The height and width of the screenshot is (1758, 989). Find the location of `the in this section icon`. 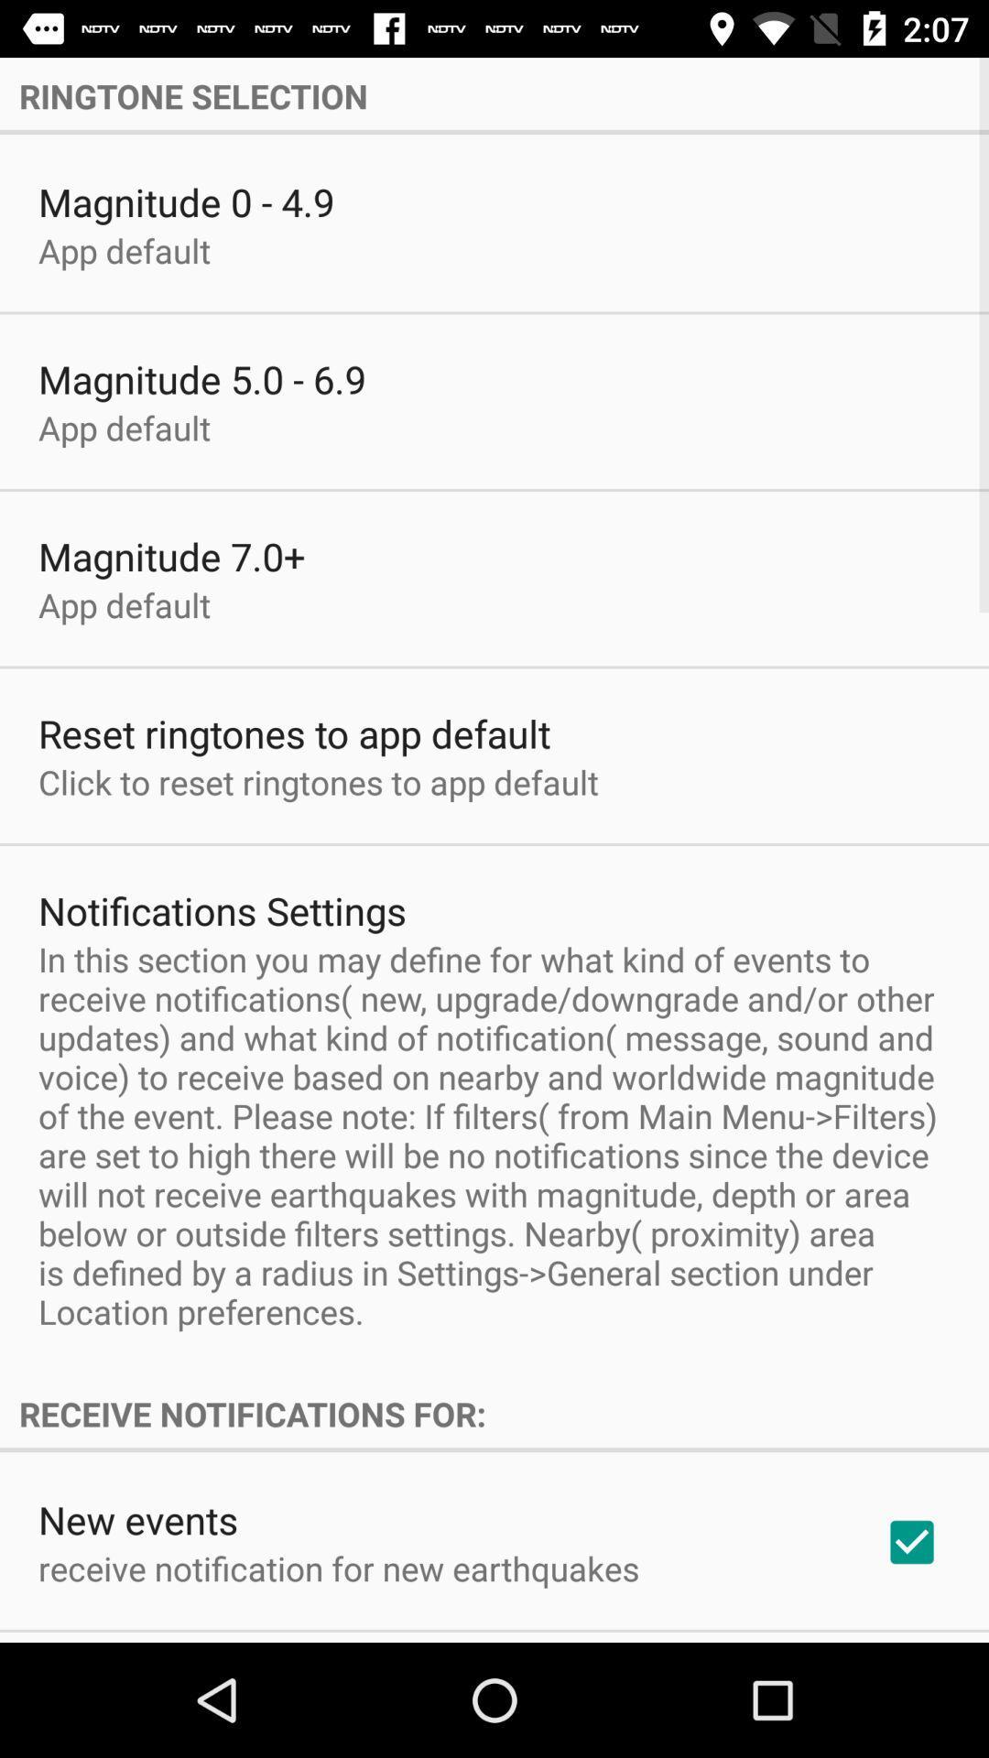

the in this section icon is located at coordinates (494, 1134).